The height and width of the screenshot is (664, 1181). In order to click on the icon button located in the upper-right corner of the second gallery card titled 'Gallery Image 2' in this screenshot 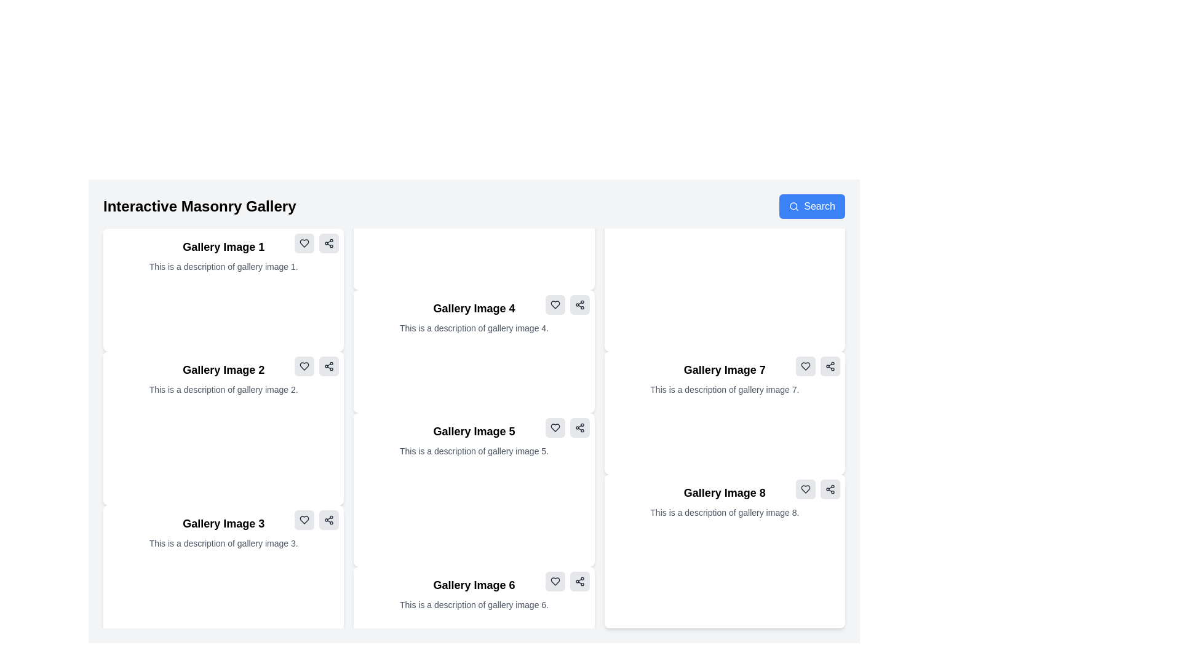, I will do `click(329, 366)`.